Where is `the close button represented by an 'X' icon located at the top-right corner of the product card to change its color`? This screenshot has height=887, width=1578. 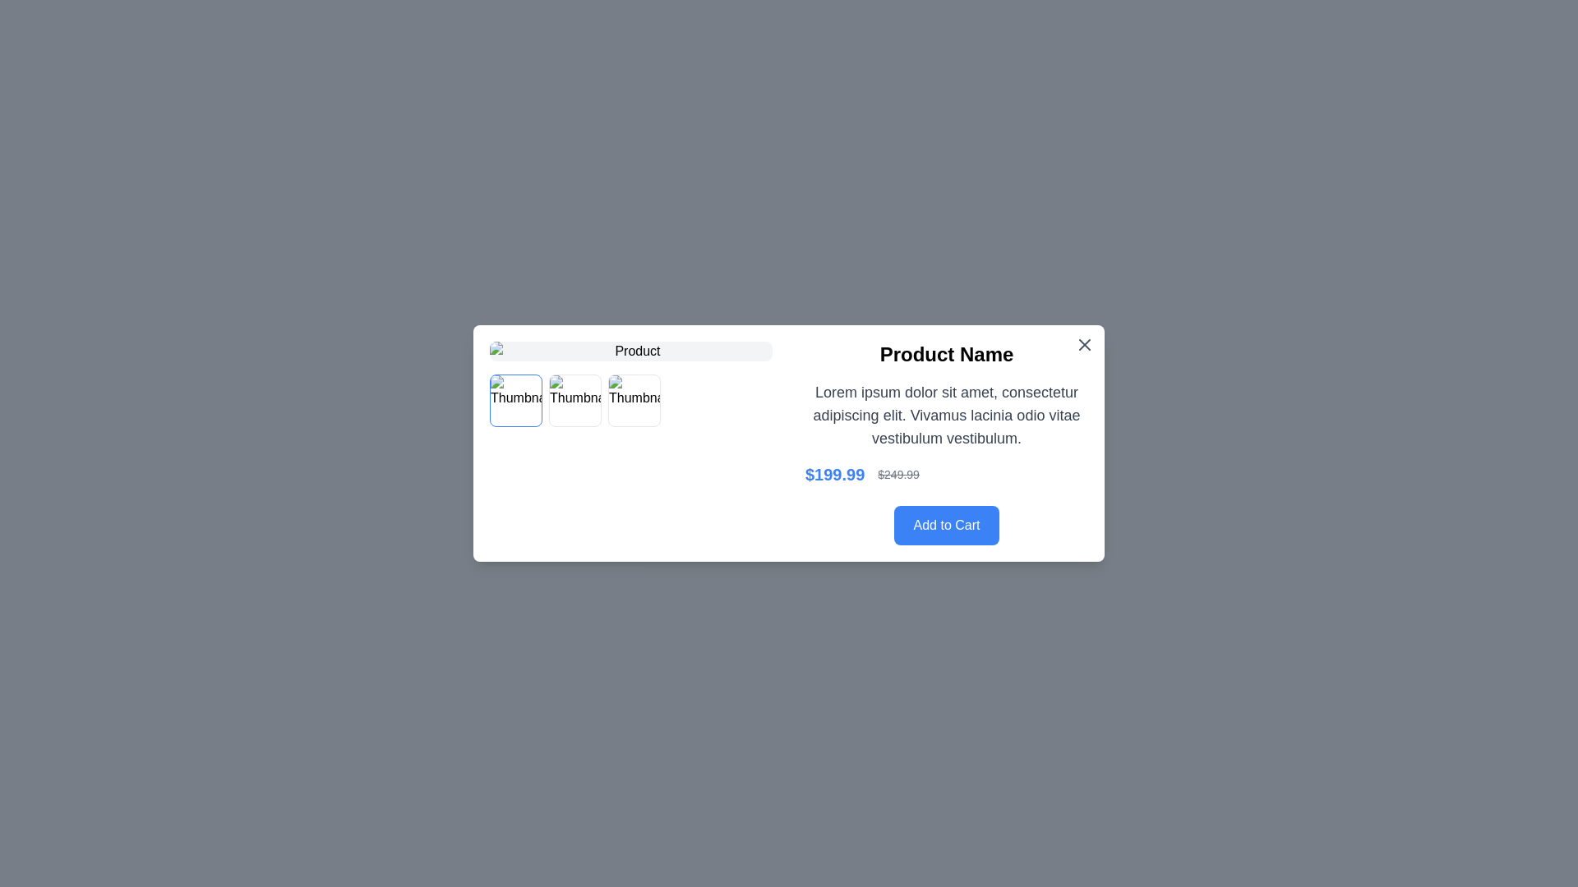 the close button represented by an 'X' icon located at the top-right corner of the product card to change its color is located at coordinates (1085, 344).